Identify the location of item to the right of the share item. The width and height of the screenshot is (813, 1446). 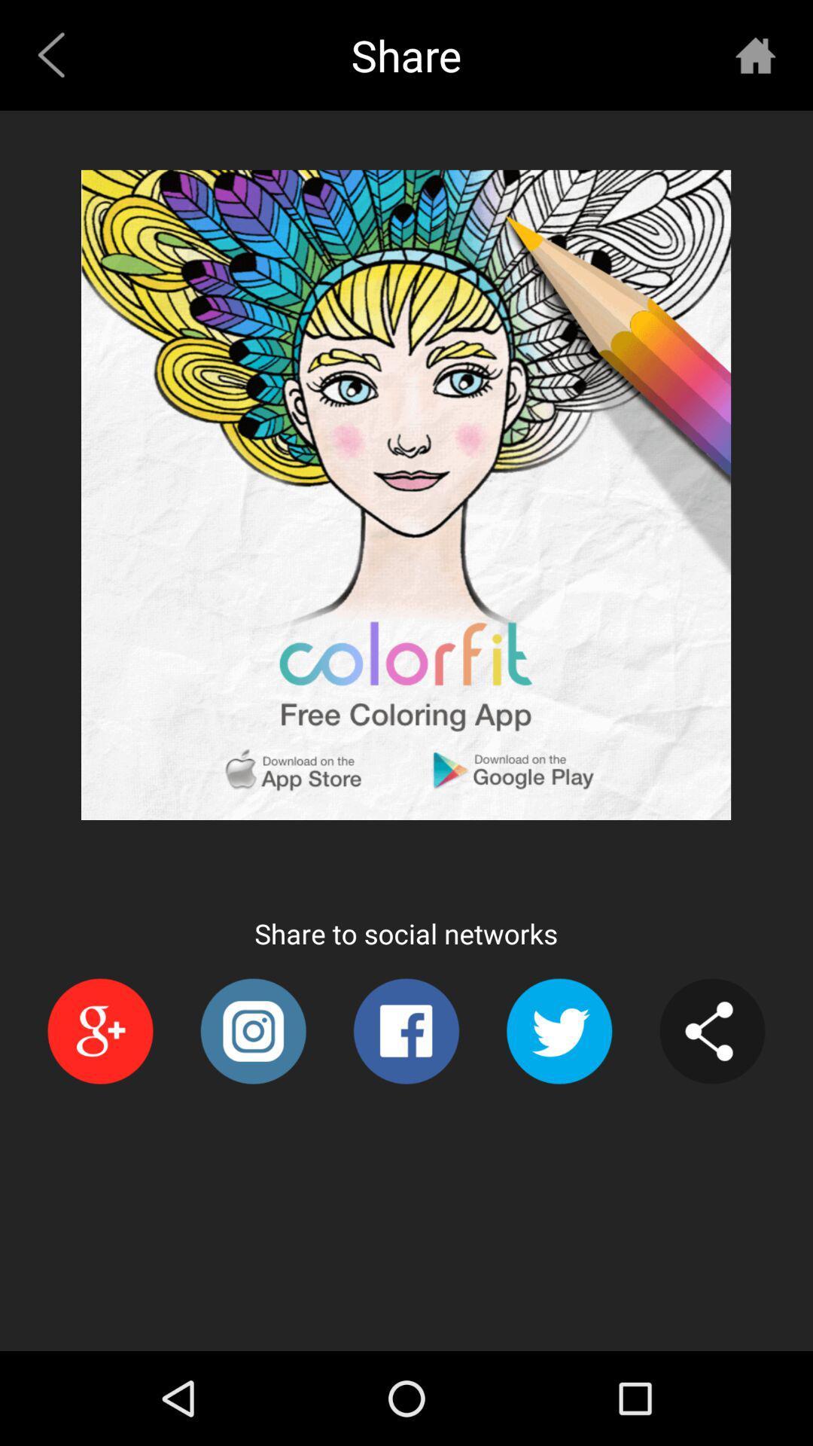
(755, 55).